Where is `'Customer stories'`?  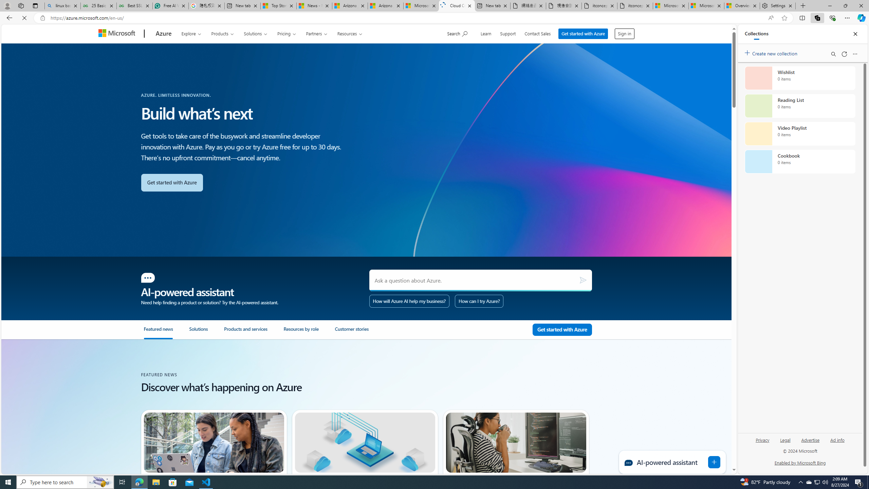 'Customer stories' is located at coordinates (351, 331).